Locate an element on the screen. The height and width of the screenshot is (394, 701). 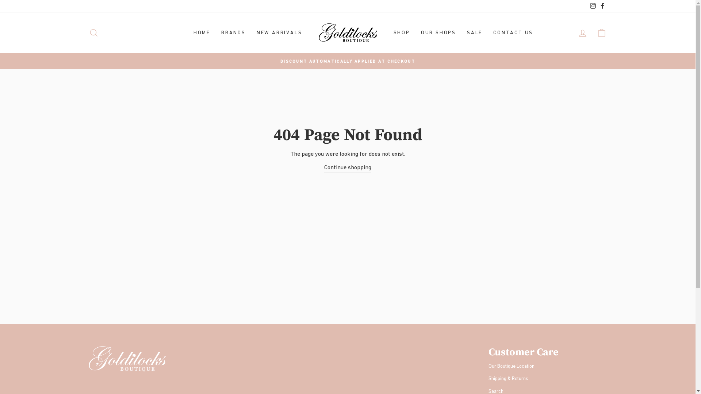
'SEARCH' is located at coordinates (93, 33).